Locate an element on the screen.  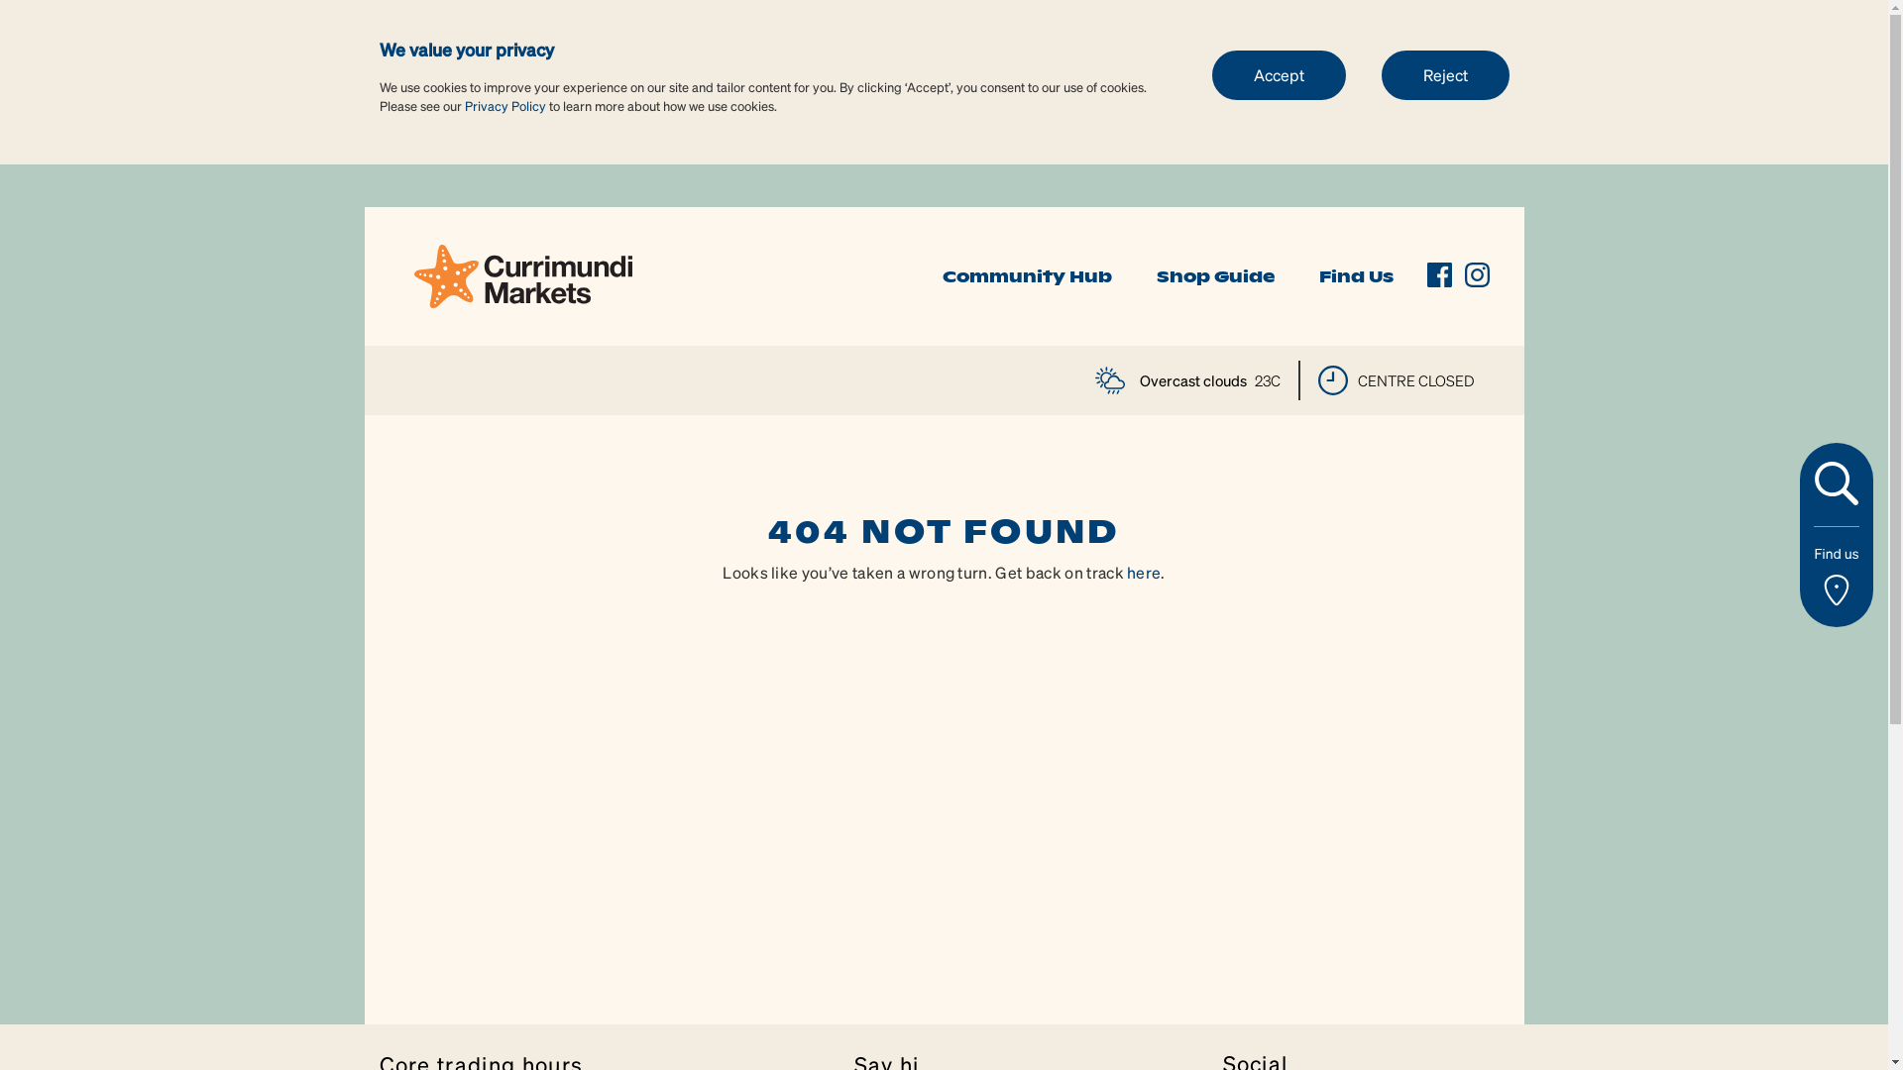
'Reject' is located at coordinates (1445, 72).